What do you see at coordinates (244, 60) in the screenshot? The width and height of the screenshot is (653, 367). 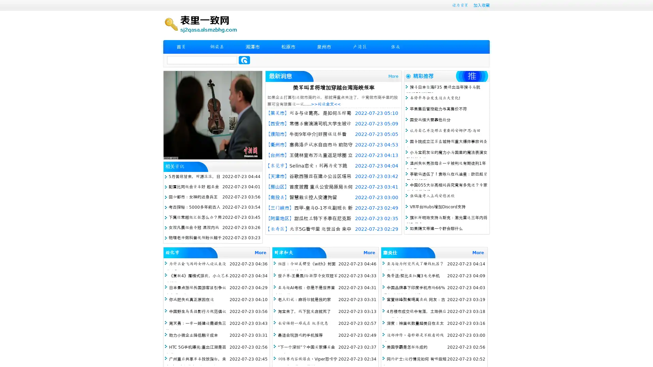 I see `Search` at bounding box center [244, 60].